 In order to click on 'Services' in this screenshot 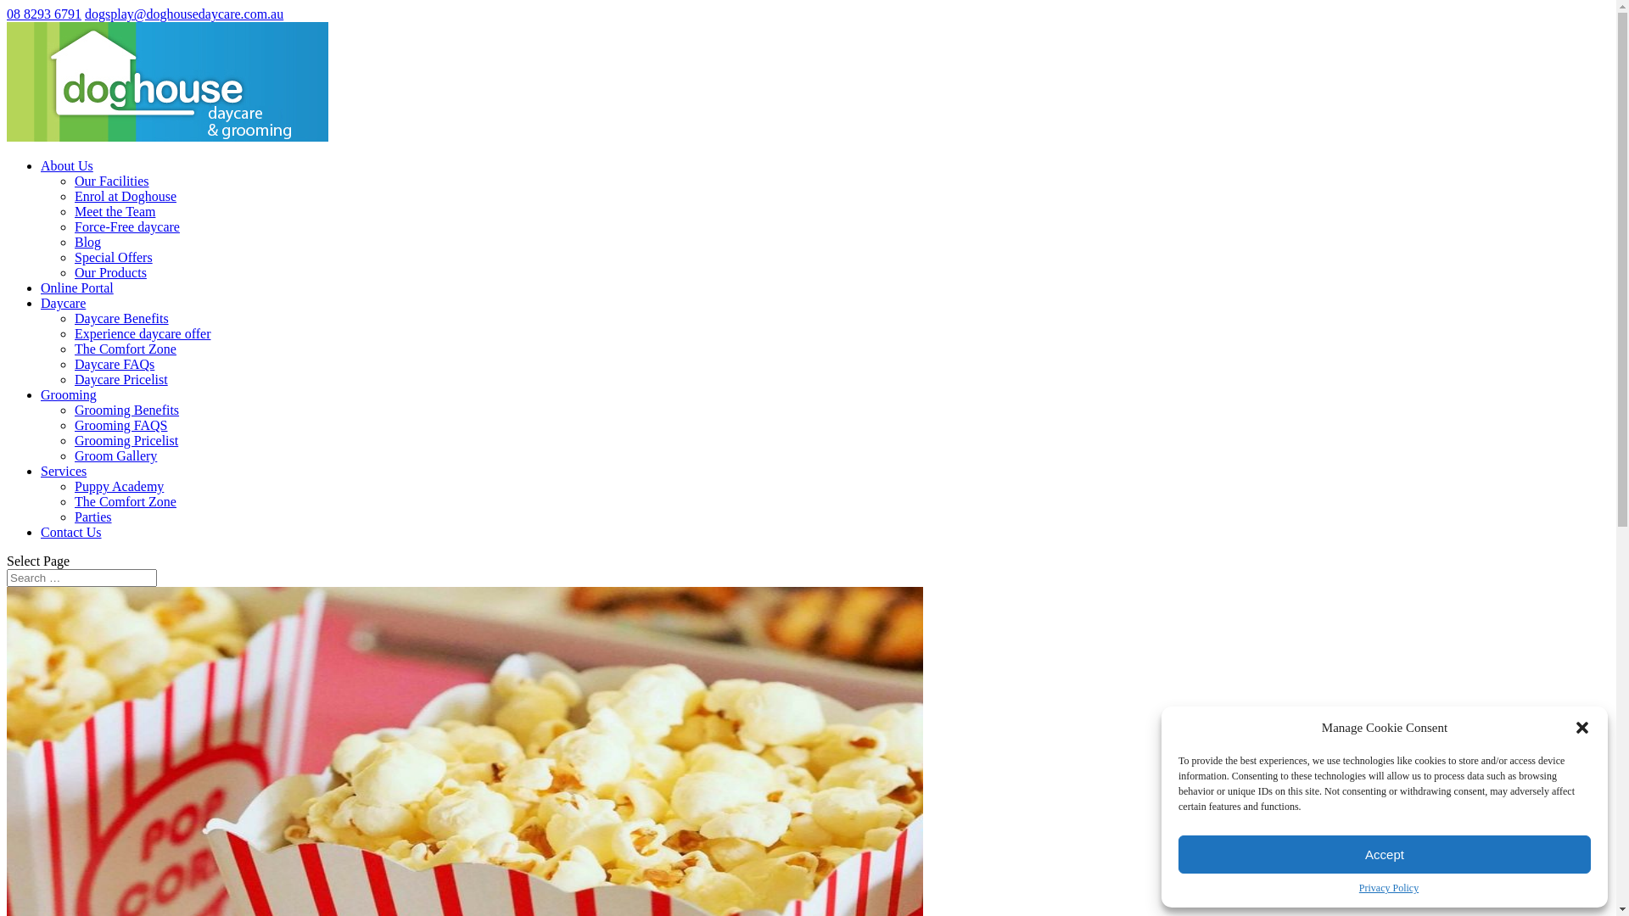, I will do `click(64, 471)`.